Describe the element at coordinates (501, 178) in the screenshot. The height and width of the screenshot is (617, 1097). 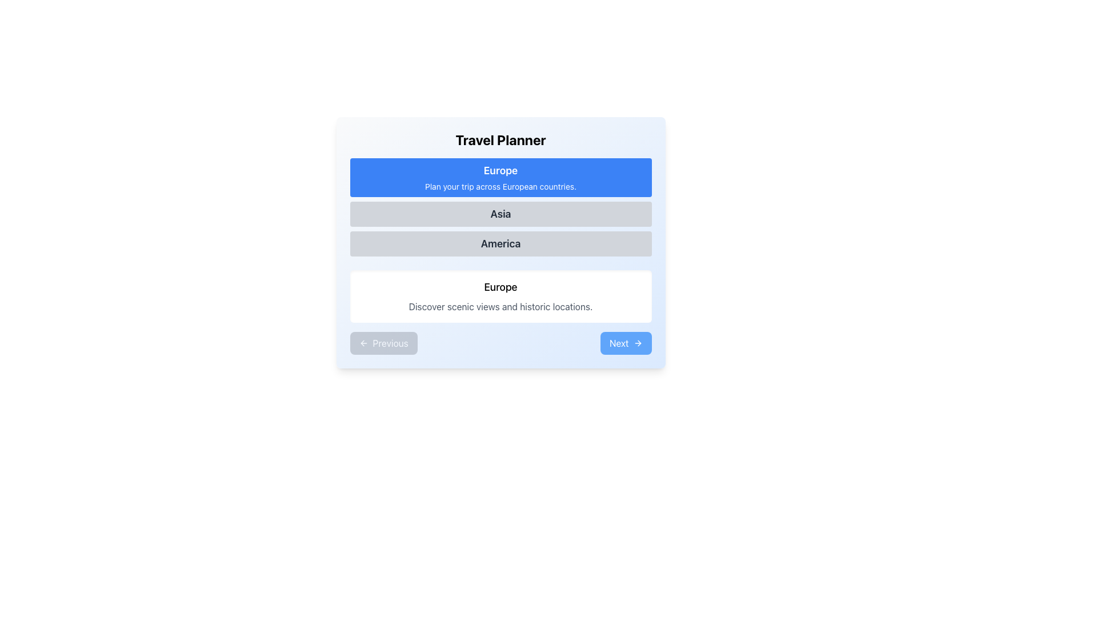
I see `the rectangular button labeled 'Europe' with a bold blue background and white text to visually highlight it` at that location.